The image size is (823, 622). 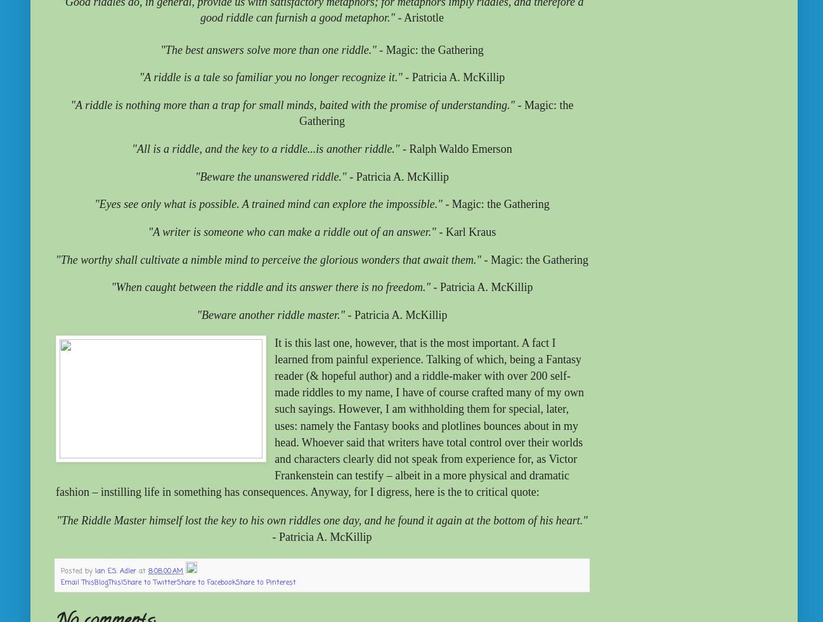 What do you see at coordinates (269, 77) in the screenshot?
I see `'"A riddle is a tale so familiar you no longer recognize it."'` at bounding box center [269, 77].